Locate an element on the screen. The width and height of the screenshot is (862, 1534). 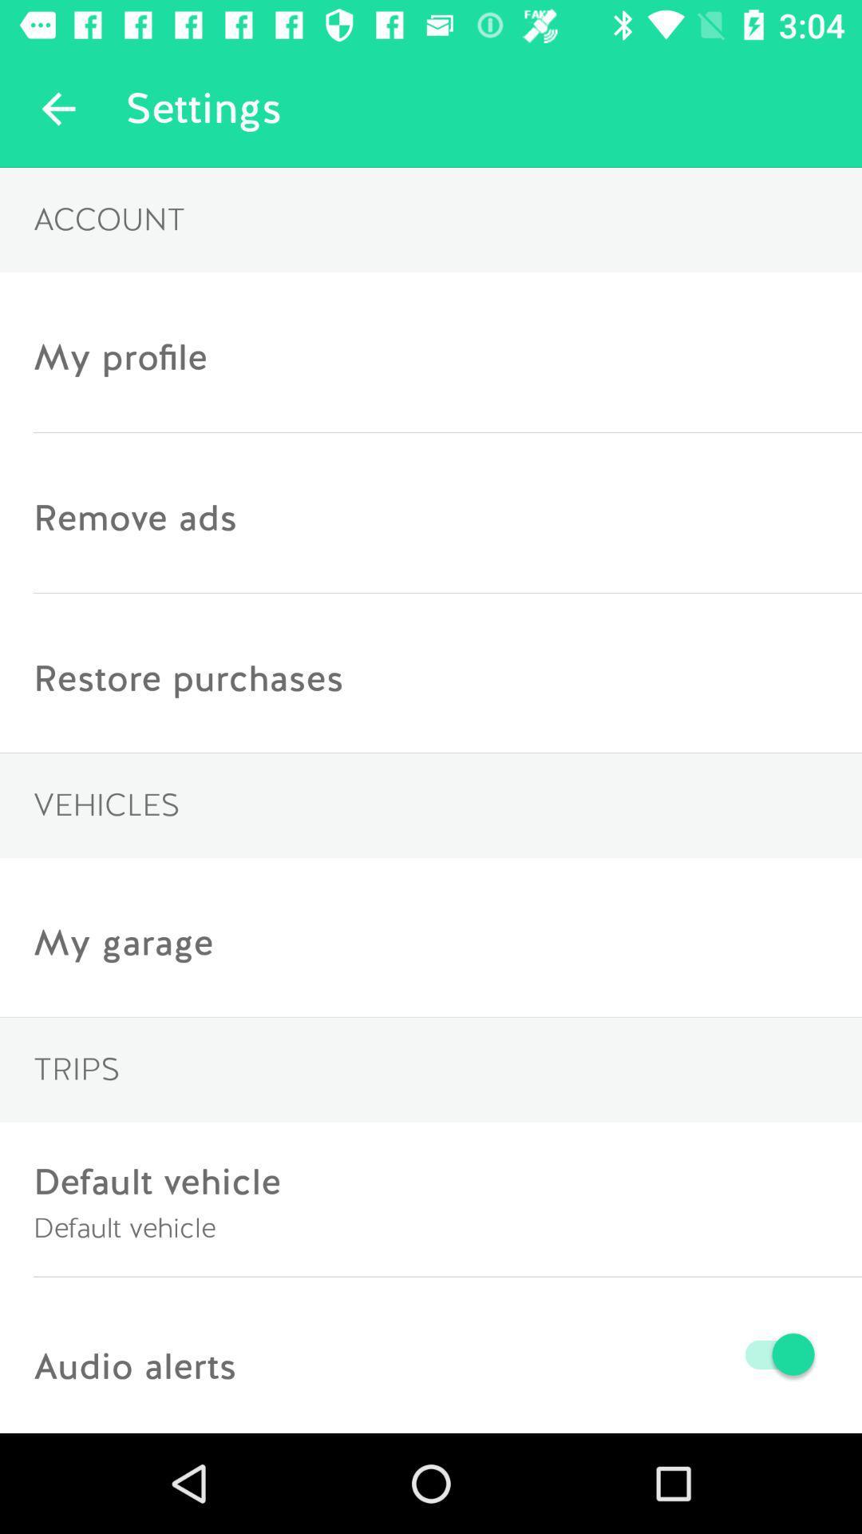
the icon next to audio alerts item is located at coordinates (529, 1353).